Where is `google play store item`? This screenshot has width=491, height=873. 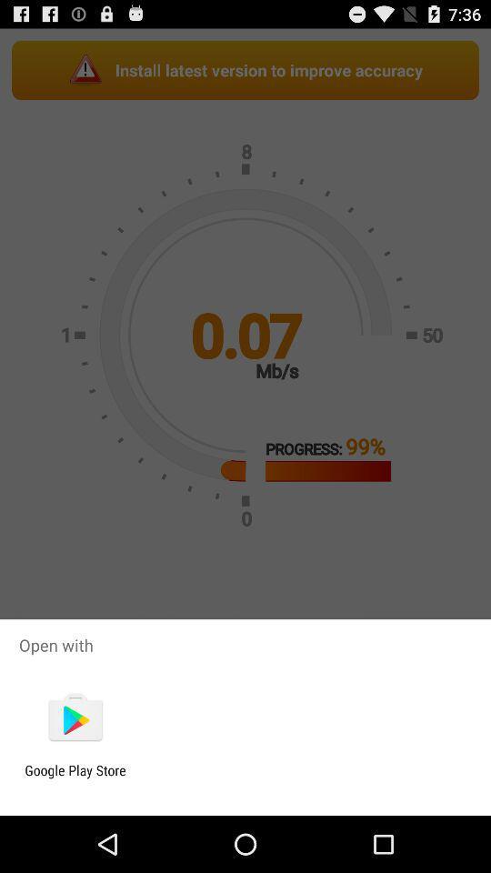
google play store item is located at coordinates (75, 778).